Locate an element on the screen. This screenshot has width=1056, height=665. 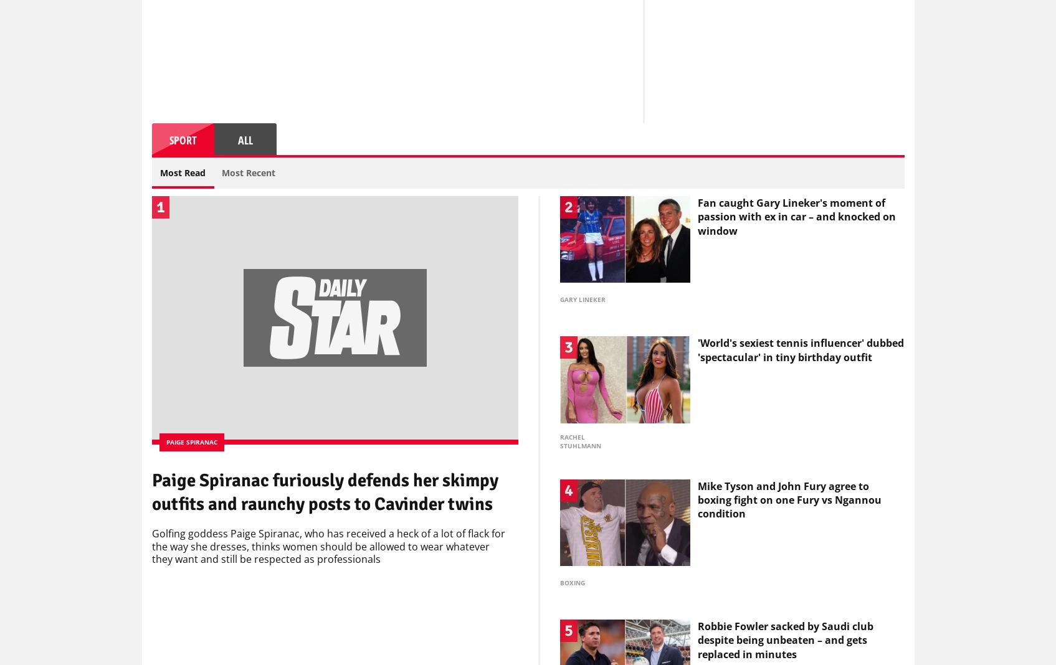
'Most Recent' is located at coordinates (247, 175).